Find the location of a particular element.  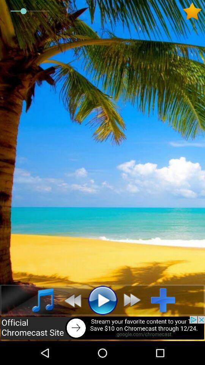

go back is located at coordinates (70, 300).